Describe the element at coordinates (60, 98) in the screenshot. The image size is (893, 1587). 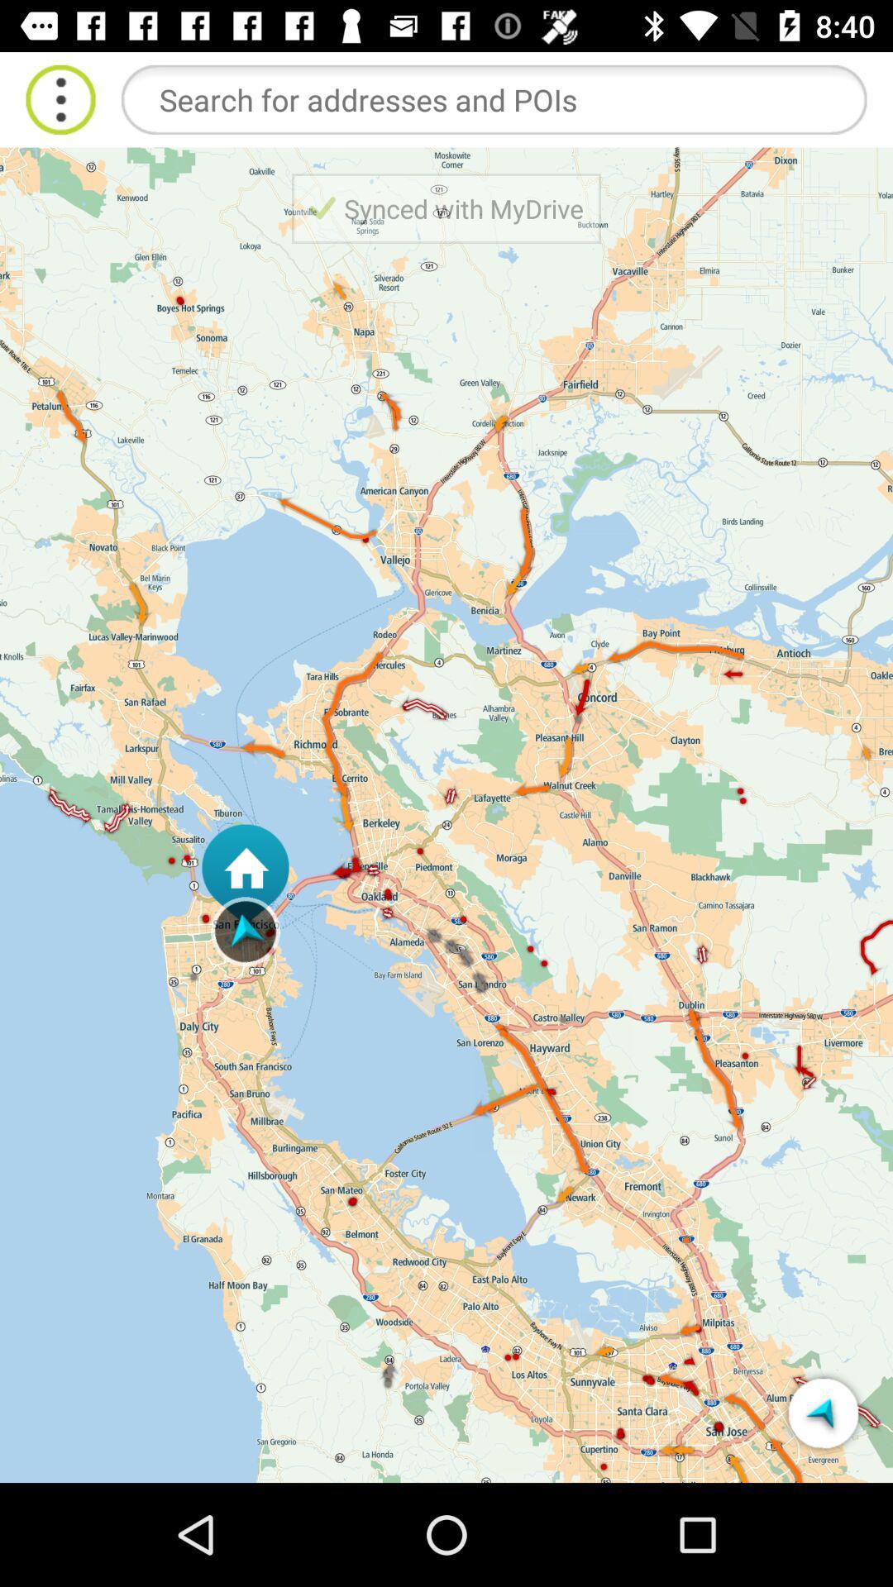
I see `open settings` at that location.